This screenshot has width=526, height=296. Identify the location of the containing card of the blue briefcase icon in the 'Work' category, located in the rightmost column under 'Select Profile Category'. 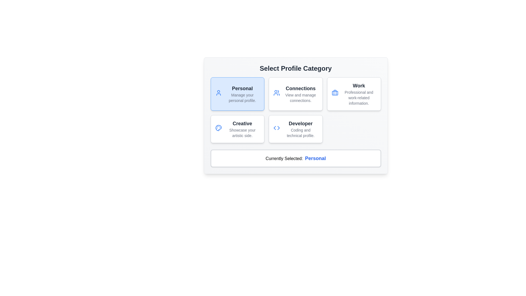
(335, 94).